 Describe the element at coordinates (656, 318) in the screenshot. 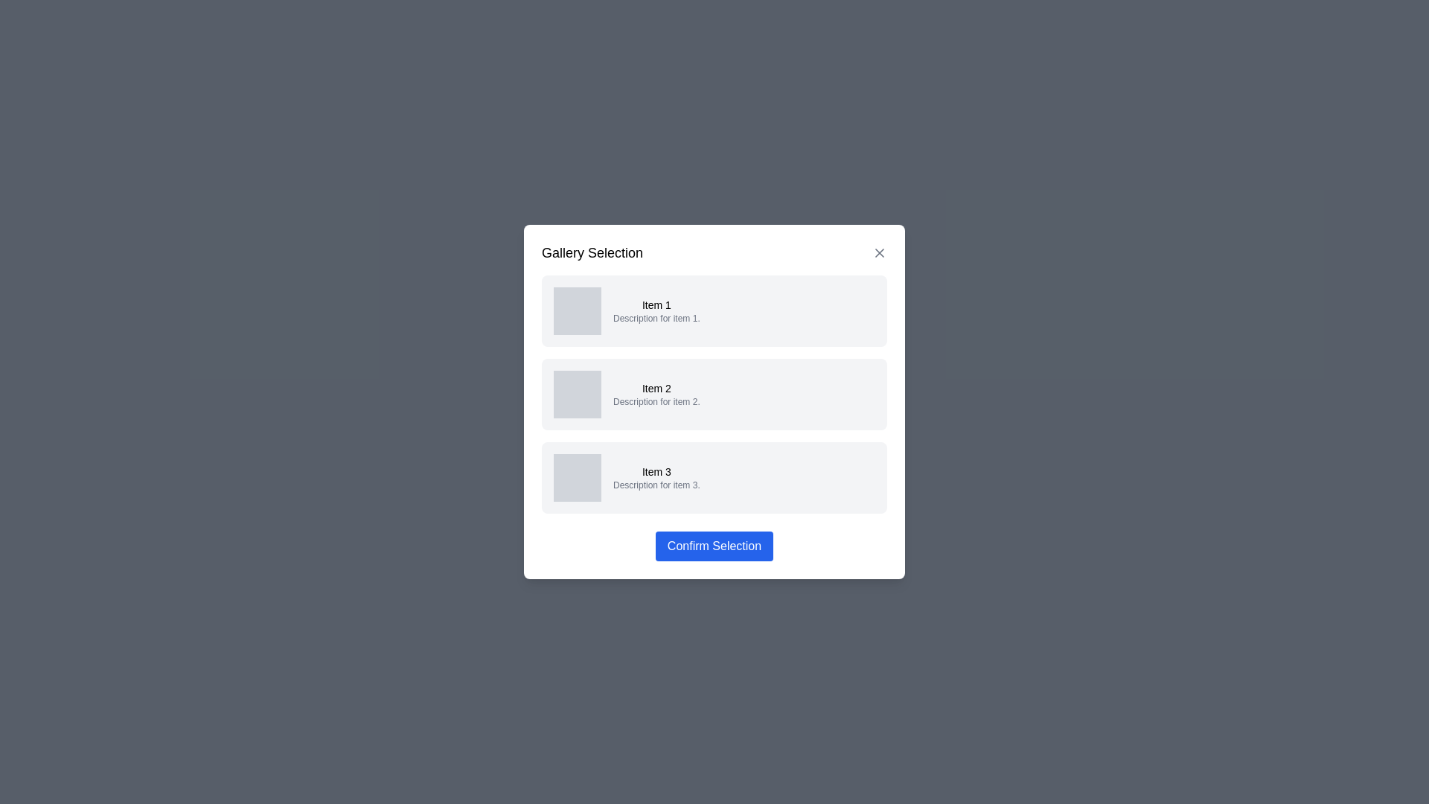

I see `the text label providing supplementary description for 'Item 1', located directly underneath the title in the vertical list` at that location.